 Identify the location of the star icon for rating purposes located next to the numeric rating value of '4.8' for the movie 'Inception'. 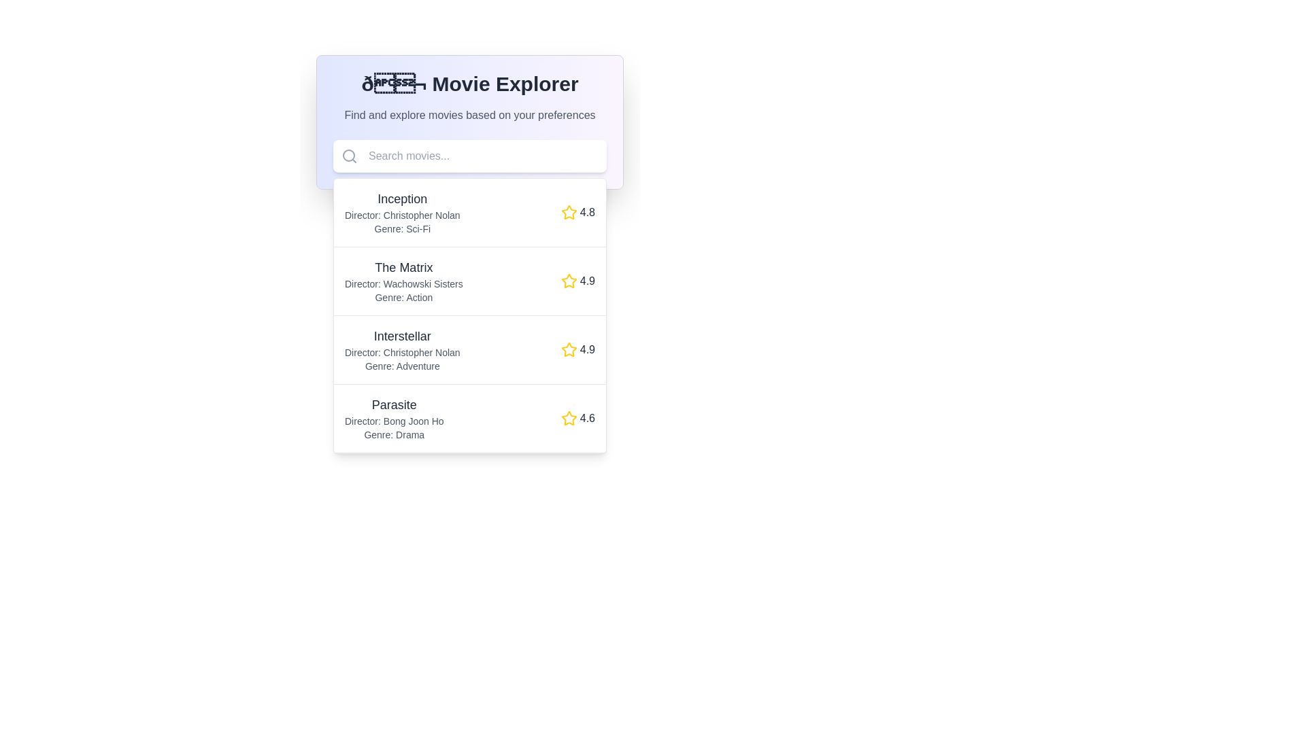
(569, 212).